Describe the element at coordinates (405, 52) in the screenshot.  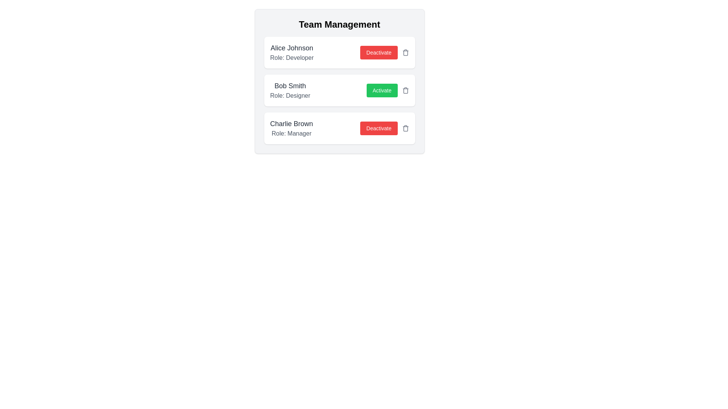
I see `trash icon button to remove the team member Alice Johnson` at that location.